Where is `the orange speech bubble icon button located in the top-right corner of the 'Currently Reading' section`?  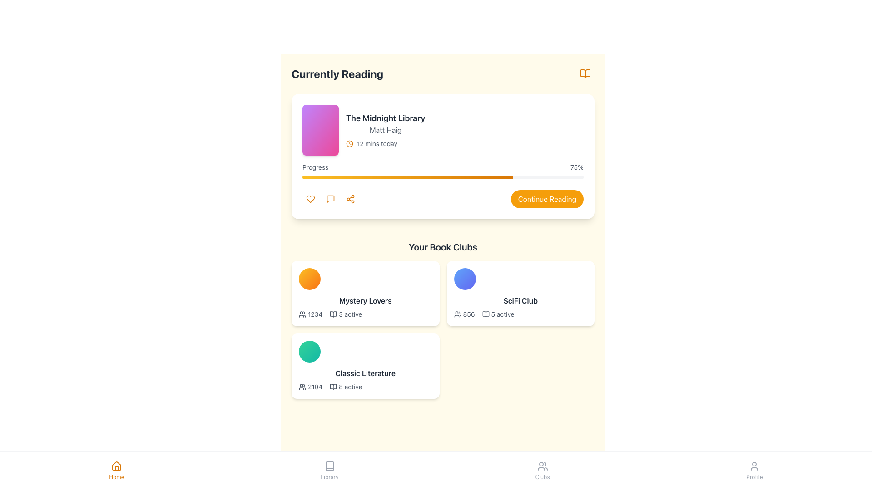 the orange speech bubble icon button located in the top-right corner of the 'Currently Reading' section is located at coordinates (330, 199).